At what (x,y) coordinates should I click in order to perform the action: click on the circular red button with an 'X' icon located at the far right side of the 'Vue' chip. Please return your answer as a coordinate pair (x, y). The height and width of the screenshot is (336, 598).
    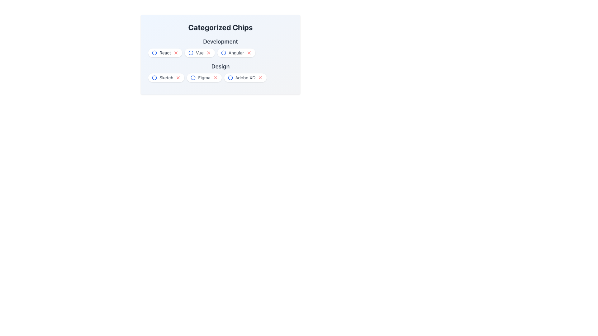
    Looking at the image, I should click on (208, 52).